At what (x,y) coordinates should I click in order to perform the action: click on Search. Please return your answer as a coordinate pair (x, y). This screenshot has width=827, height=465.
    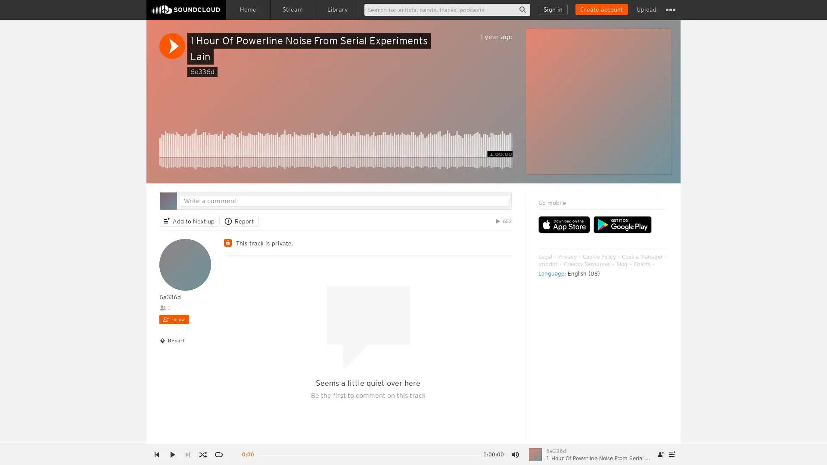
    Looking at the image, I should click on (522, 9).